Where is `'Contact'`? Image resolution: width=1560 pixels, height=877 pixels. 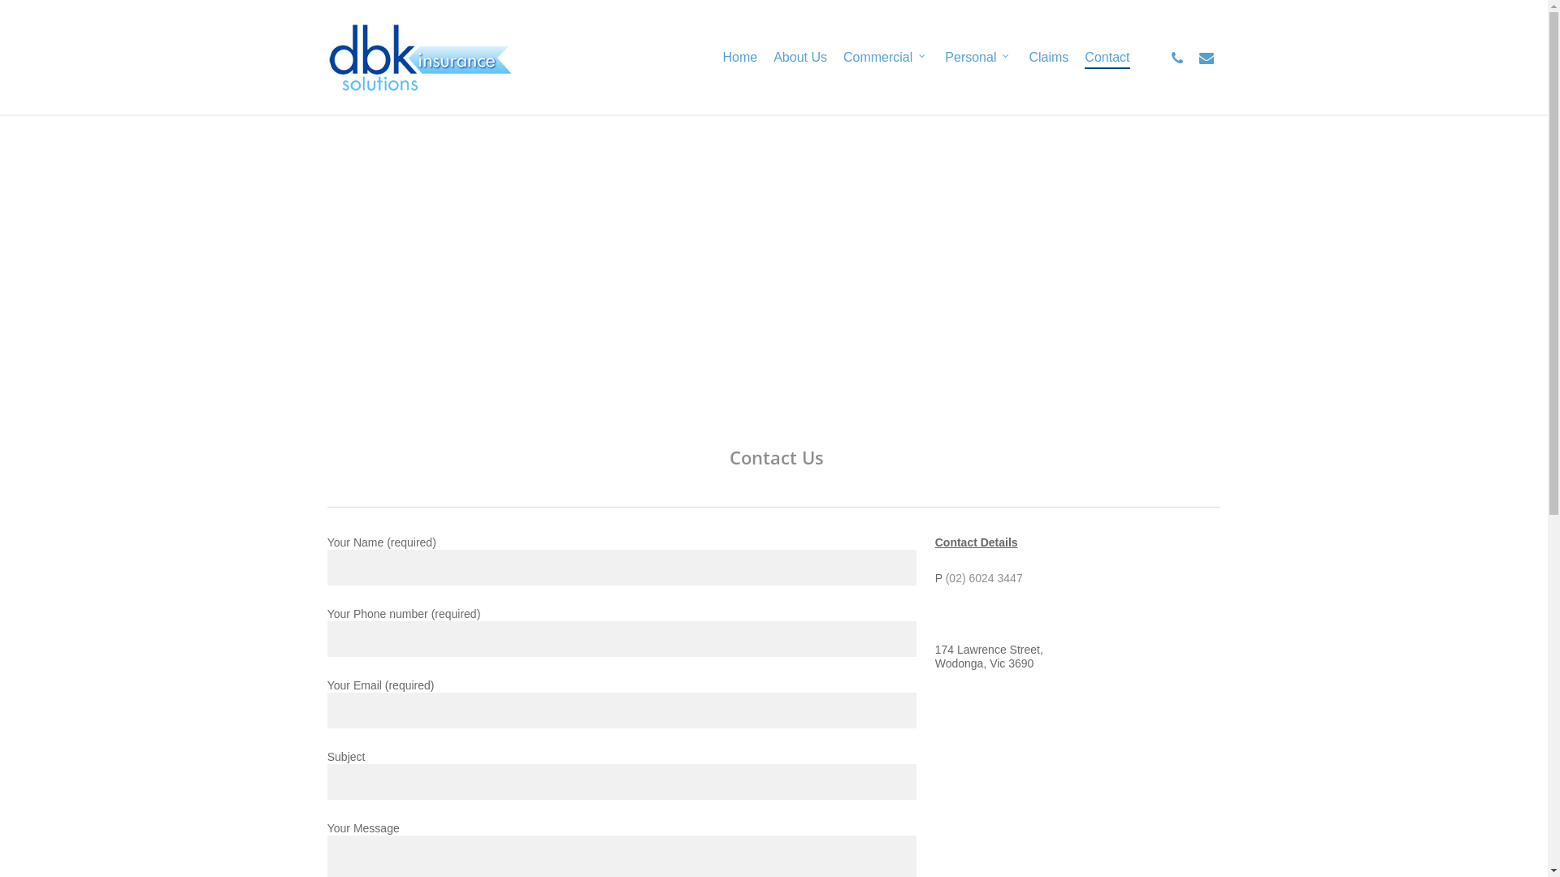
'Contact' is located at coordinates (1106, 55).